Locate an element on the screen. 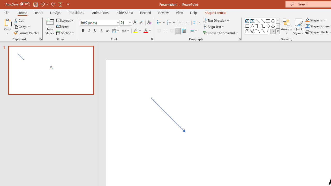  'Change Case' is located at coordinates (126, 31).